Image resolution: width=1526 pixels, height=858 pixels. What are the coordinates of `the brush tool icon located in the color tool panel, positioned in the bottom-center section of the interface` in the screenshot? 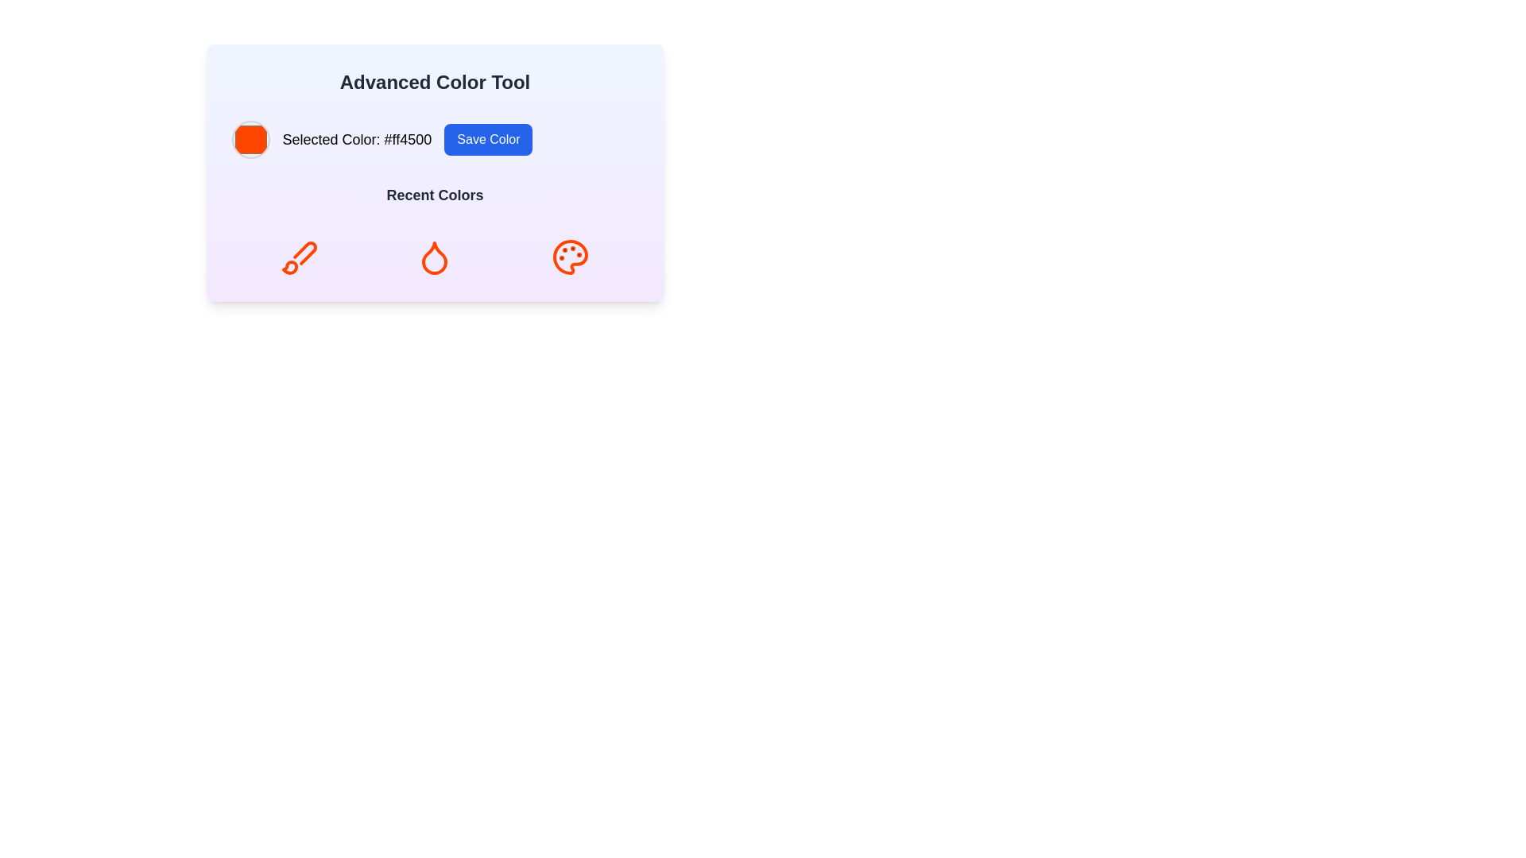 It's located at (289, 266).